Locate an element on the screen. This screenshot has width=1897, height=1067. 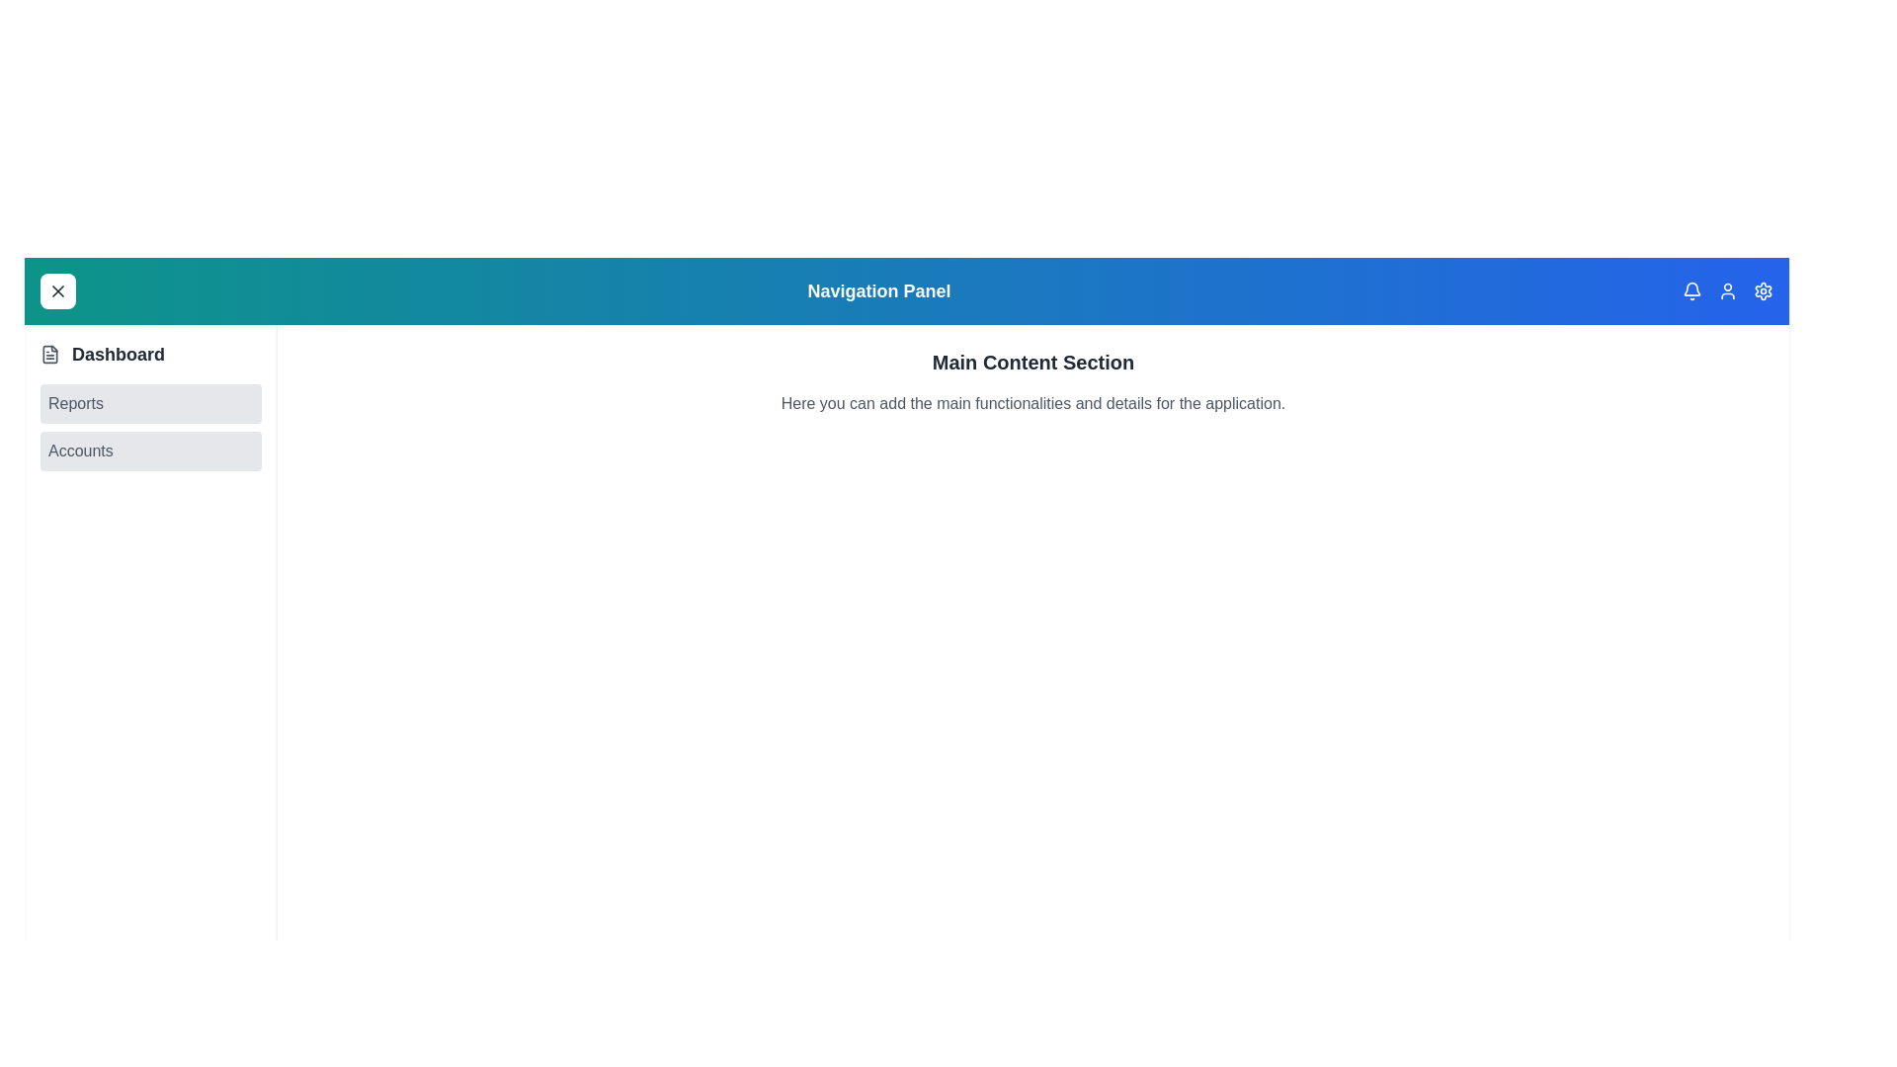
the 'Dashboard' navigation menu item, which is the first item in the vertical list of the sidebar navigation section is located at coordinates (150, 353).